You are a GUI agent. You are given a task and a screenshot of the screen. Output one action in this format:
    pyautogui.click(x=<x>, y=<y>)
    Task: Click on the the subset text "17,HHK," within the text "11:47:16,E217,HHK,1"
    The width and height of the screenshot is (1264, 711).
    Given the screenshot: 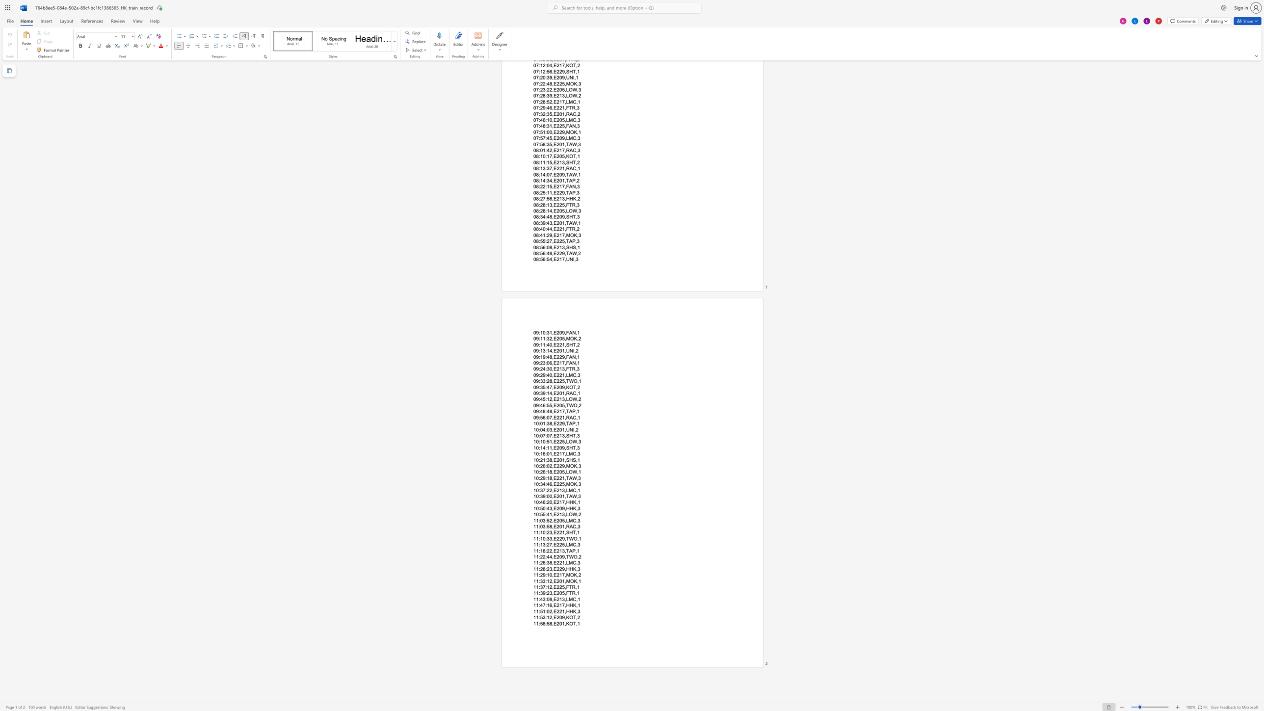 What is the action you would take?
    pyautogui.click(x=558, y=605)
    